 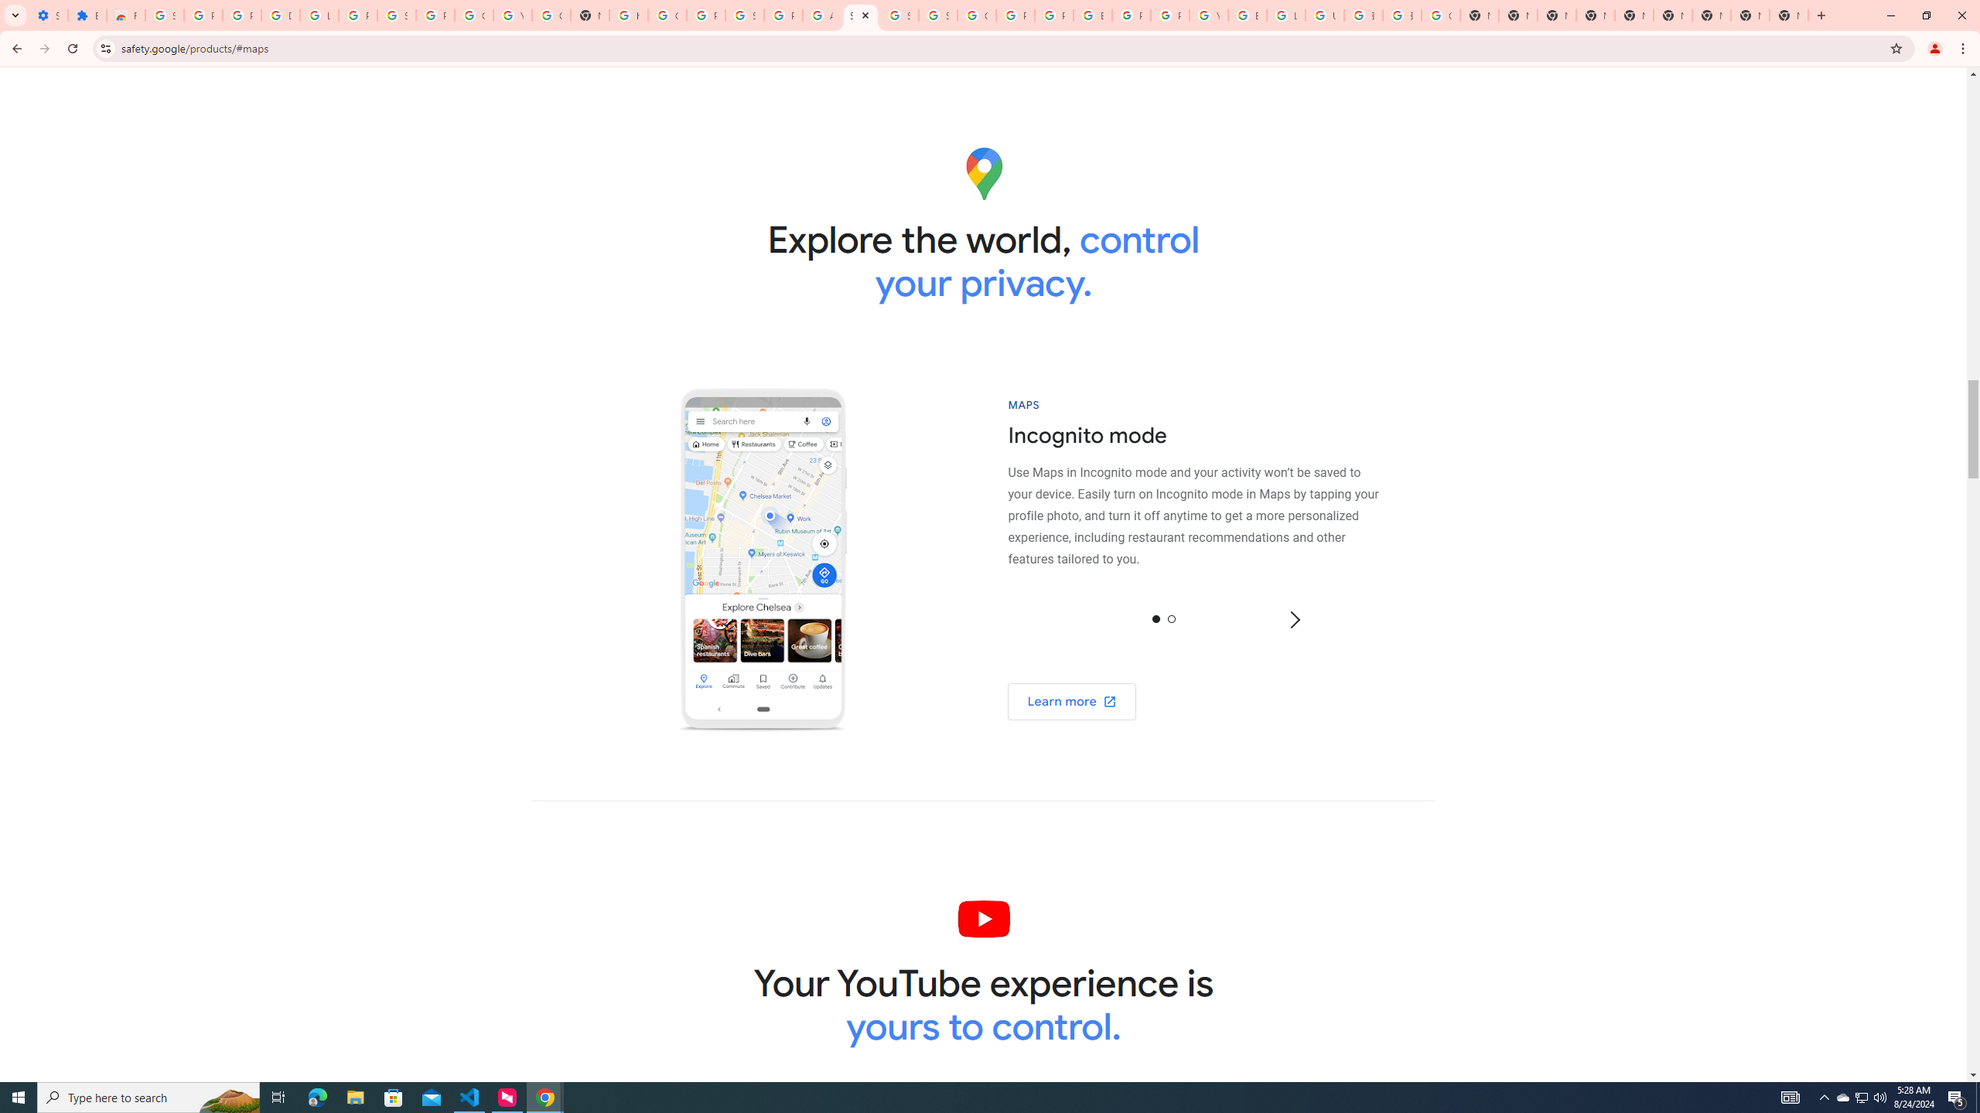 What do you see at coordinates (1170, 617) in the screenshot?
I see `'1'` at bounding box center [1170, 617].